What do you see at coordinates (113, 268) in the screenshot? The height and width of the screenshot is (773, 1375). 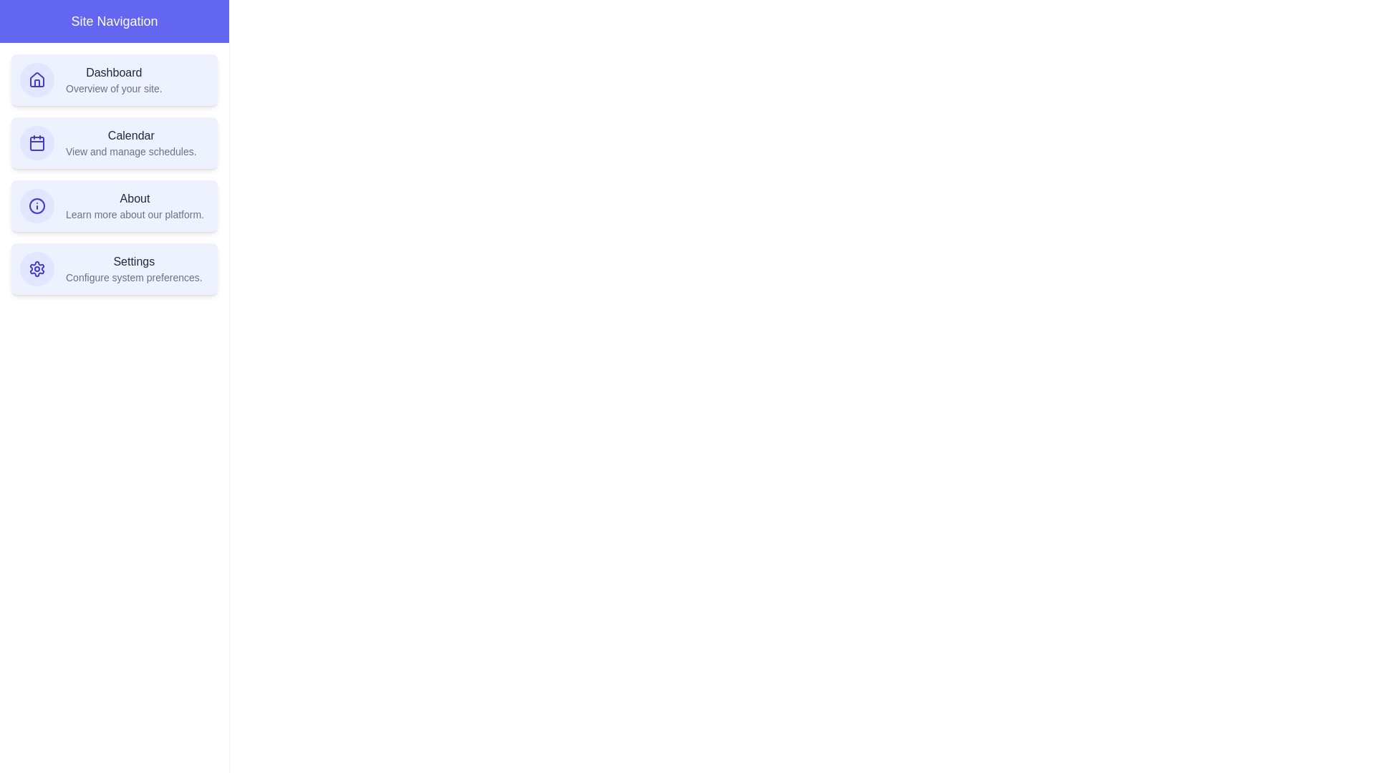 I see `the navigation item Settings to observe its hover state` at bounding box center [113, 268].